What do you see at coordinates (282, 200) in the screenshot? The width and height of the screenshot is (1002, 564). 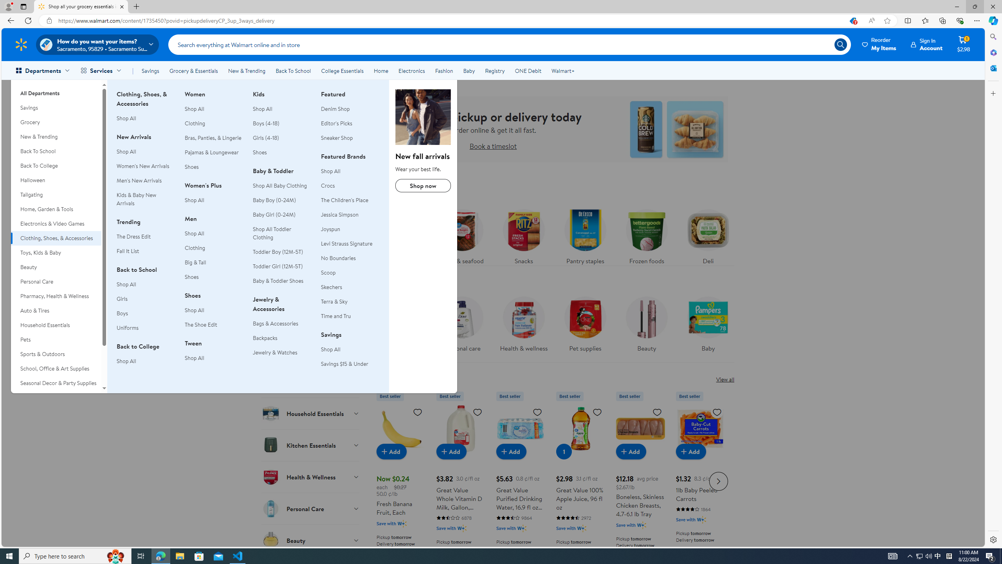 I see `'Baby Boy (0-24M)'` at bounding box center [282, 200].